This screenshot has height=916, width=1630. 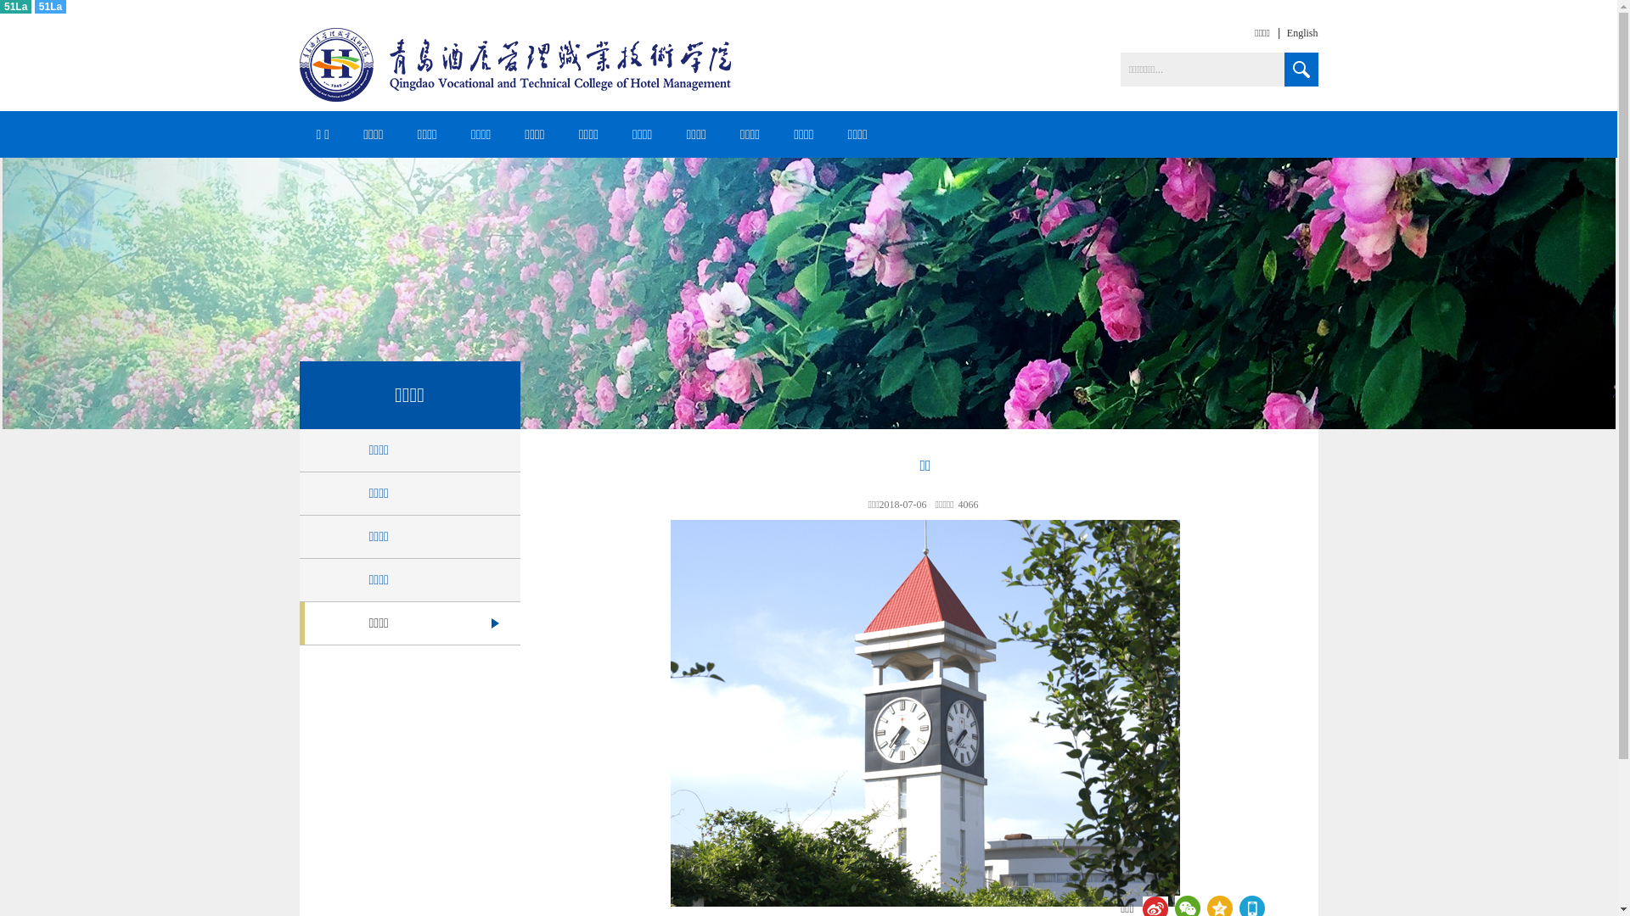 I want to click on 'English', so click(x=1270, y=32).